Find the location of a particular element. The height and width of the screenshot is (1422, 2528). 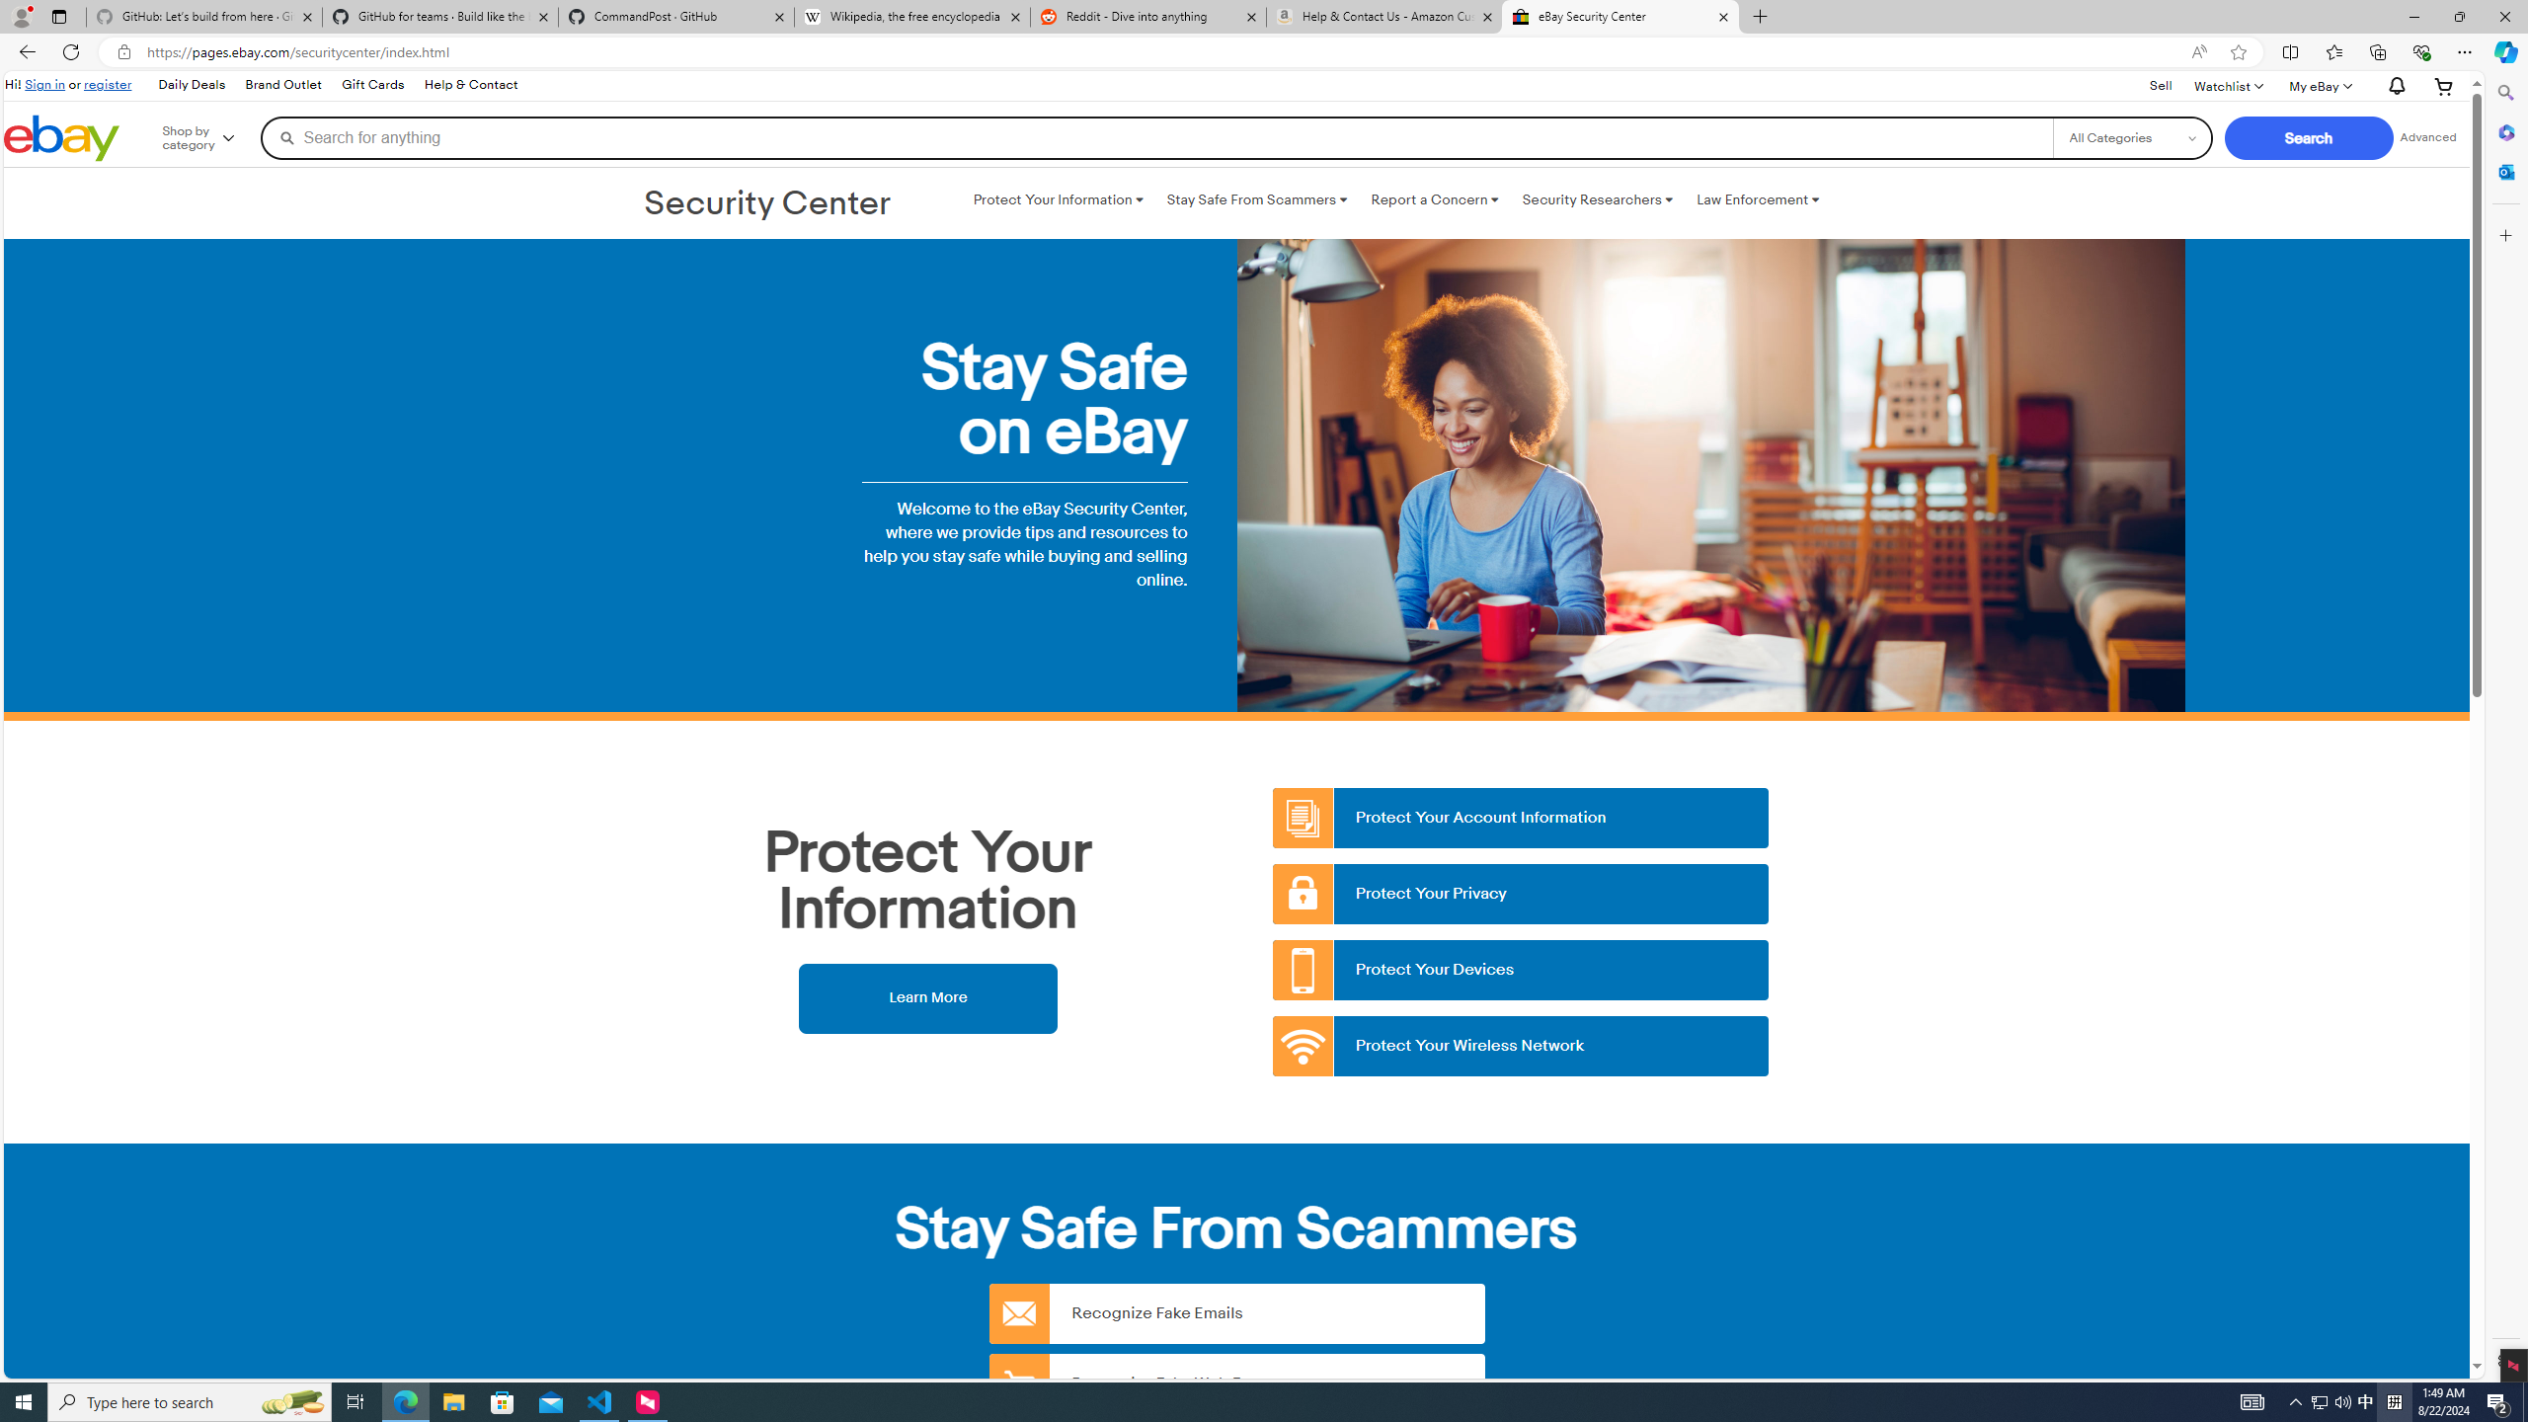

'Sign in' is located at coordinates (44, 83).